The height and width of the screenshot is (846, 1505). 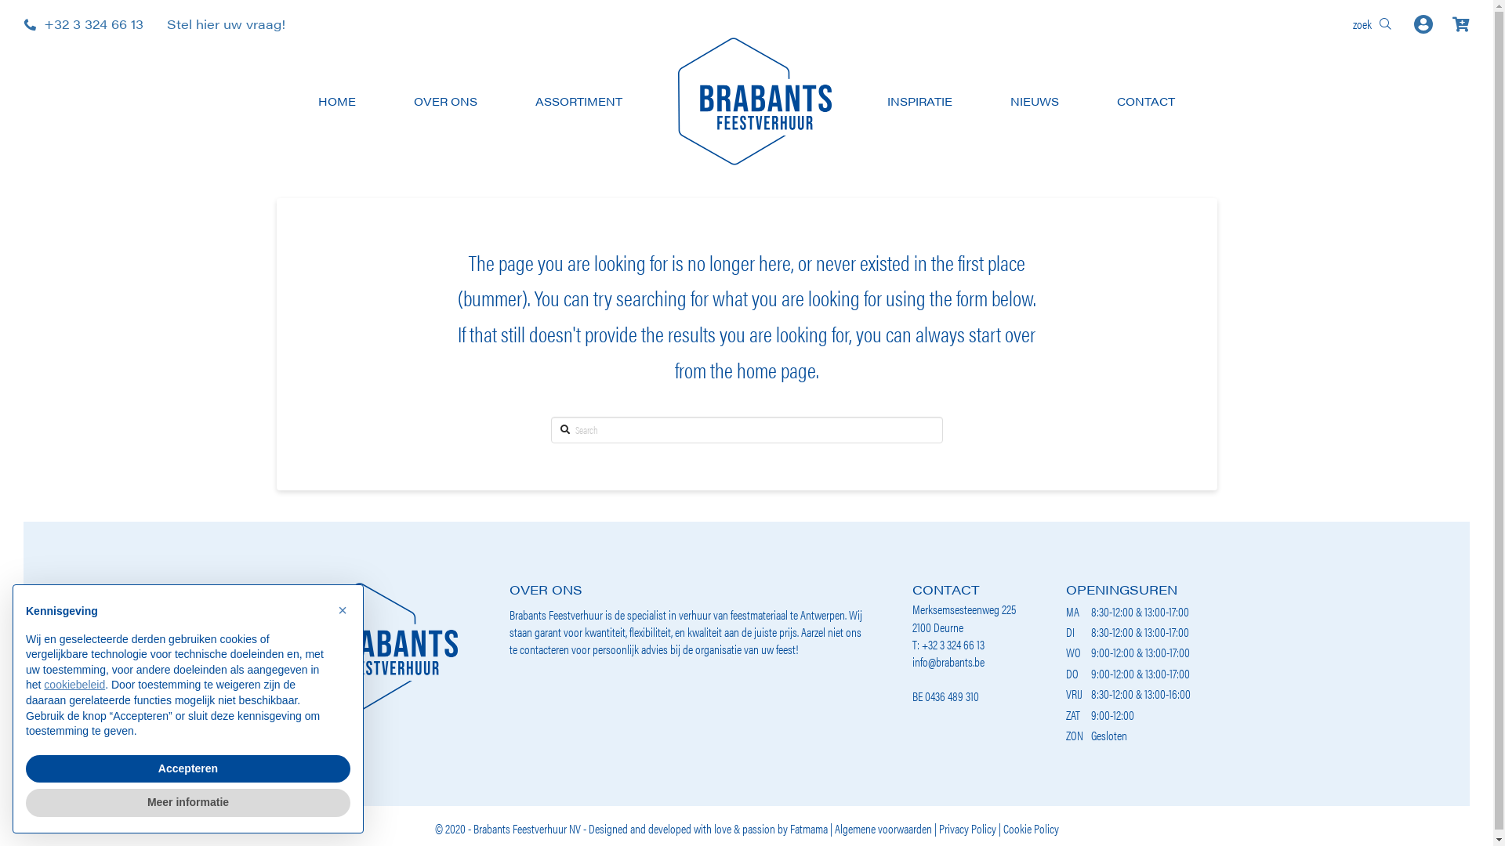 What do you see at coordinates (1035, 100) in the screenshot?
I see `'NIEUWS'` at bounding box center [1035, 100].